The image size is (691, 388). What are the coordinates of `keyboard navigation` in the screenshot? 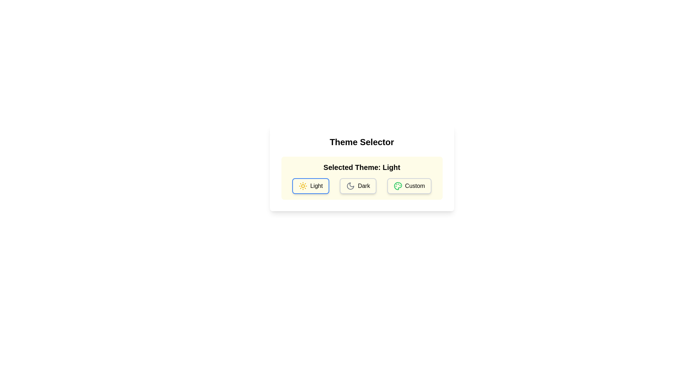 It's located at (311, 185).